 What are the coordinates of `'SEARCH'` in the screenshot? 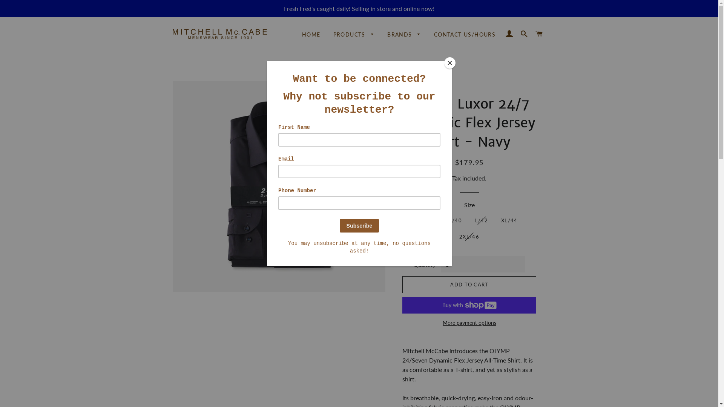 It's located at (524, 33).